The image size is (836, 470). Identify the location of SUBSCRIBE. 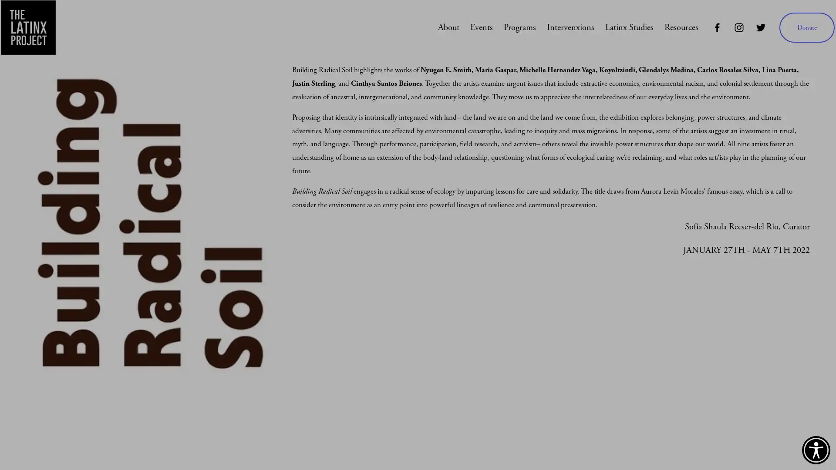
(737, 379).